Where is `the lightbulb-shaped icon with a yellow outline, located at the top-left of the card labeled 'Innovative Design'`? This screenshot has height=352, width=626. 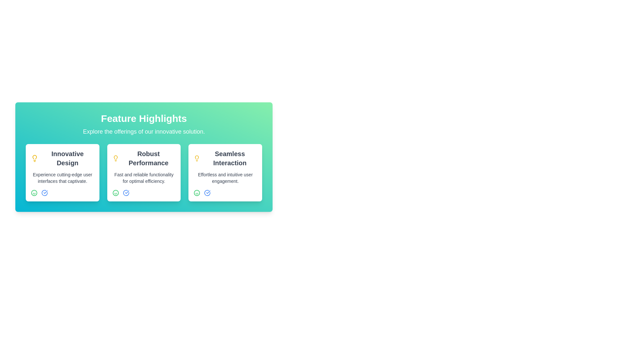
the lightbulb-shaped icon with a yellow outline, located at the top-left of the card labeled 'Innovative Design' is located at coordinates (34, 158).